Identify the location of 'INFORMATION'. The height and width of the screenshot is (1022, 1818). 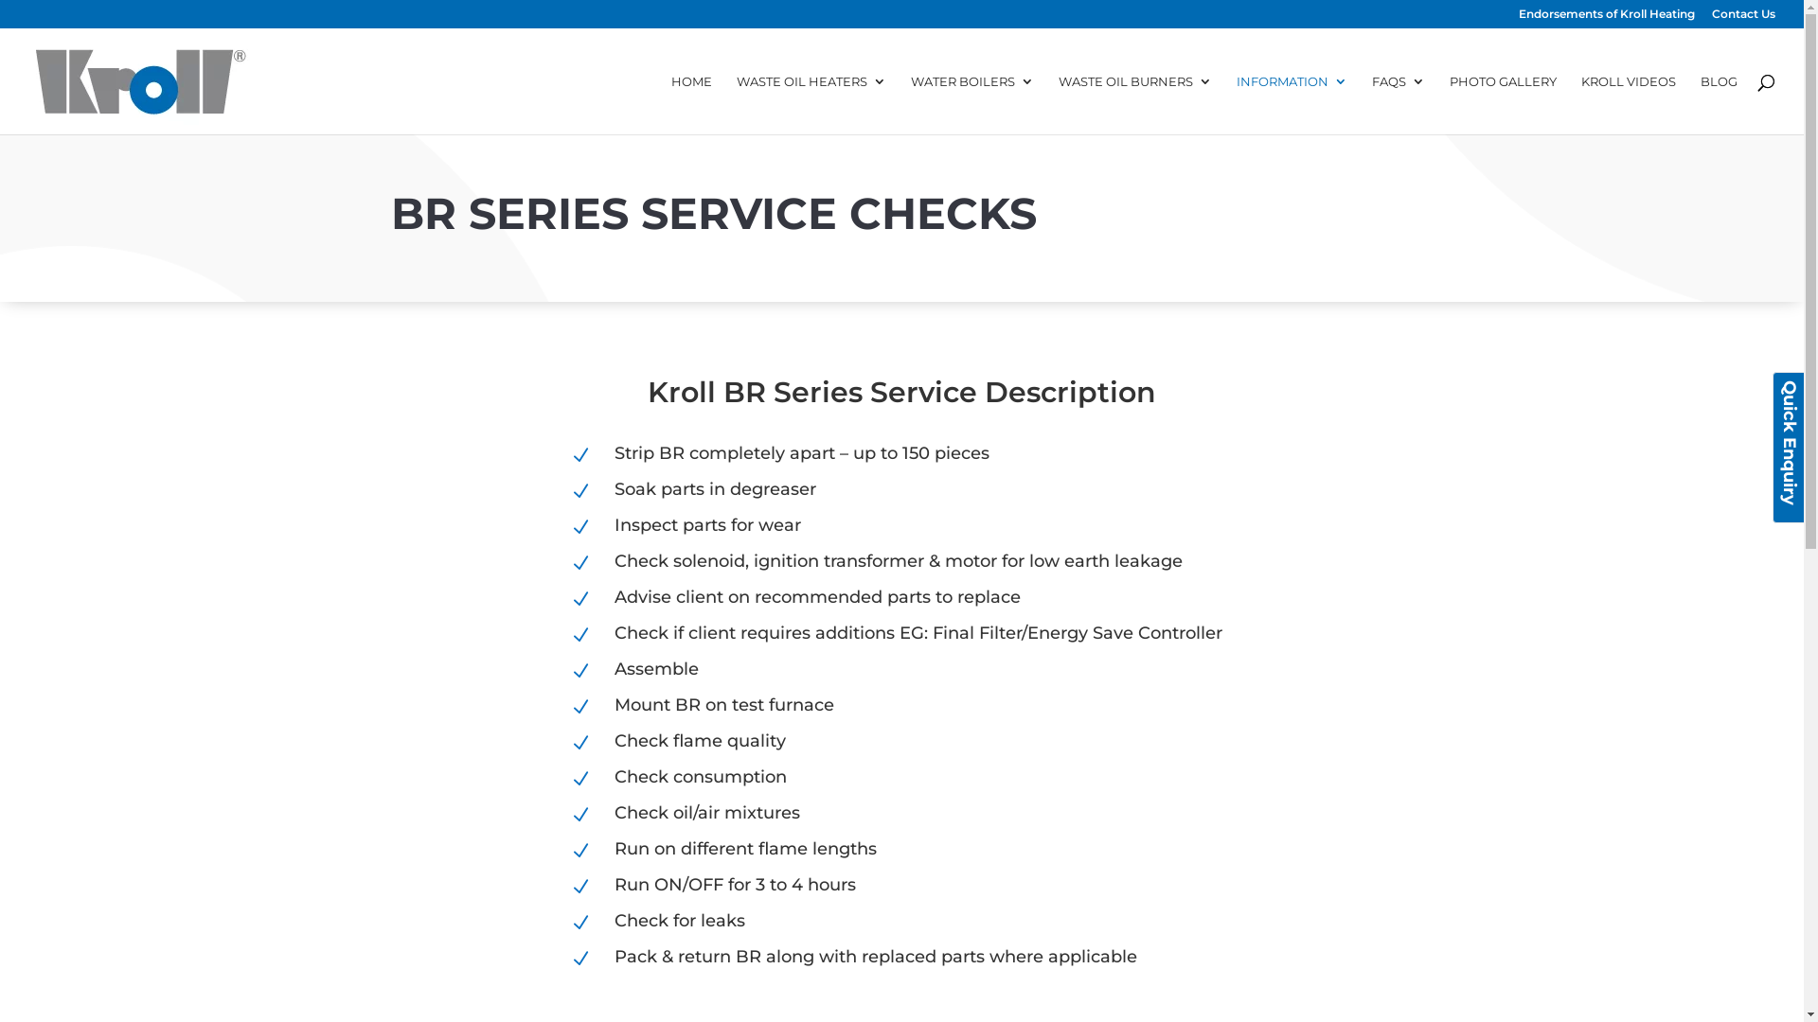
(1236, 104).